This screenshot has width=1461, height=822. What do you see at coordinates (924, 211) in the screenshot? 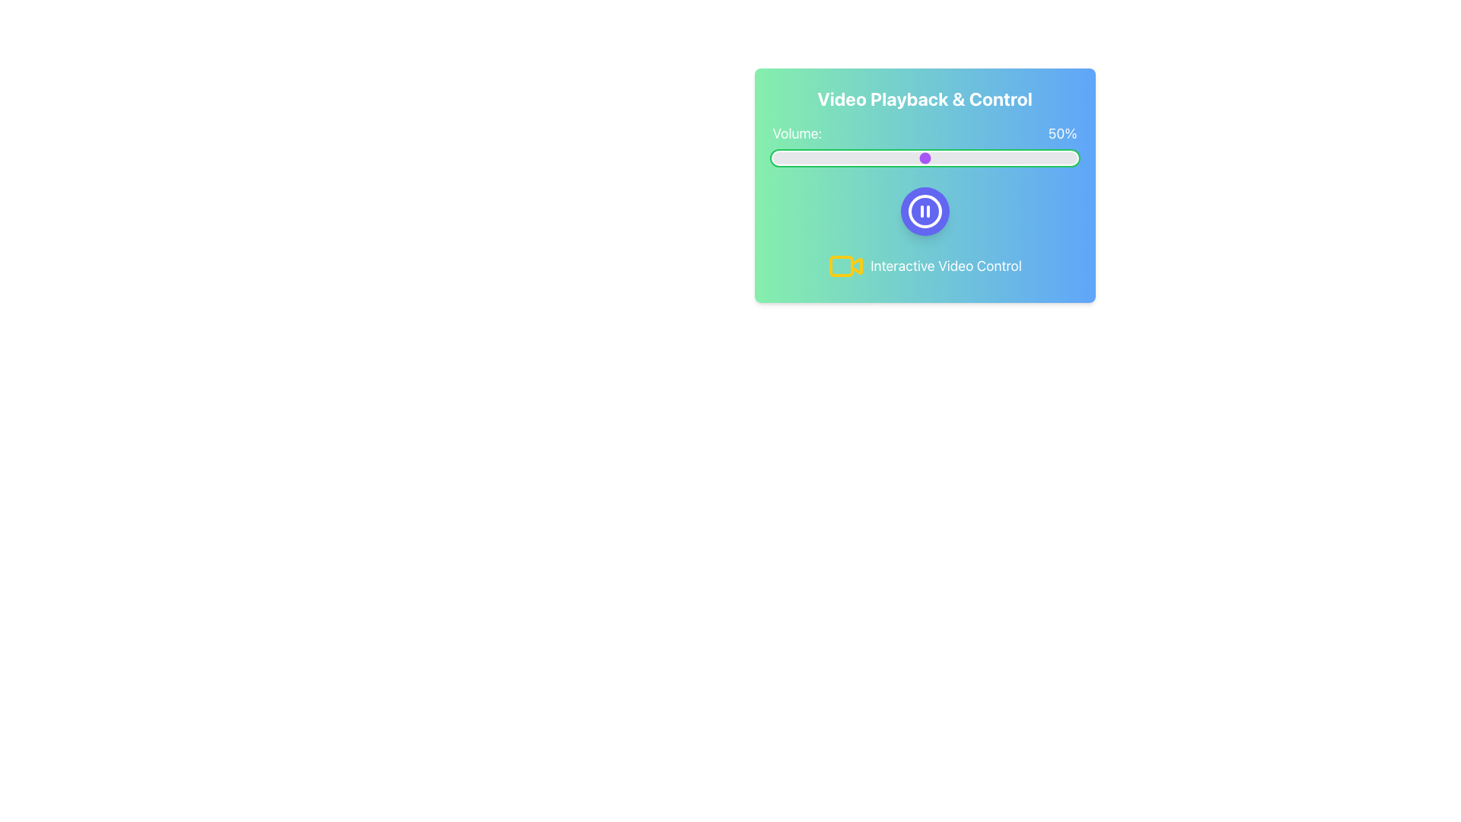
I see `the circular indigo button with a white pause icon` at bounding box center [924, 211].